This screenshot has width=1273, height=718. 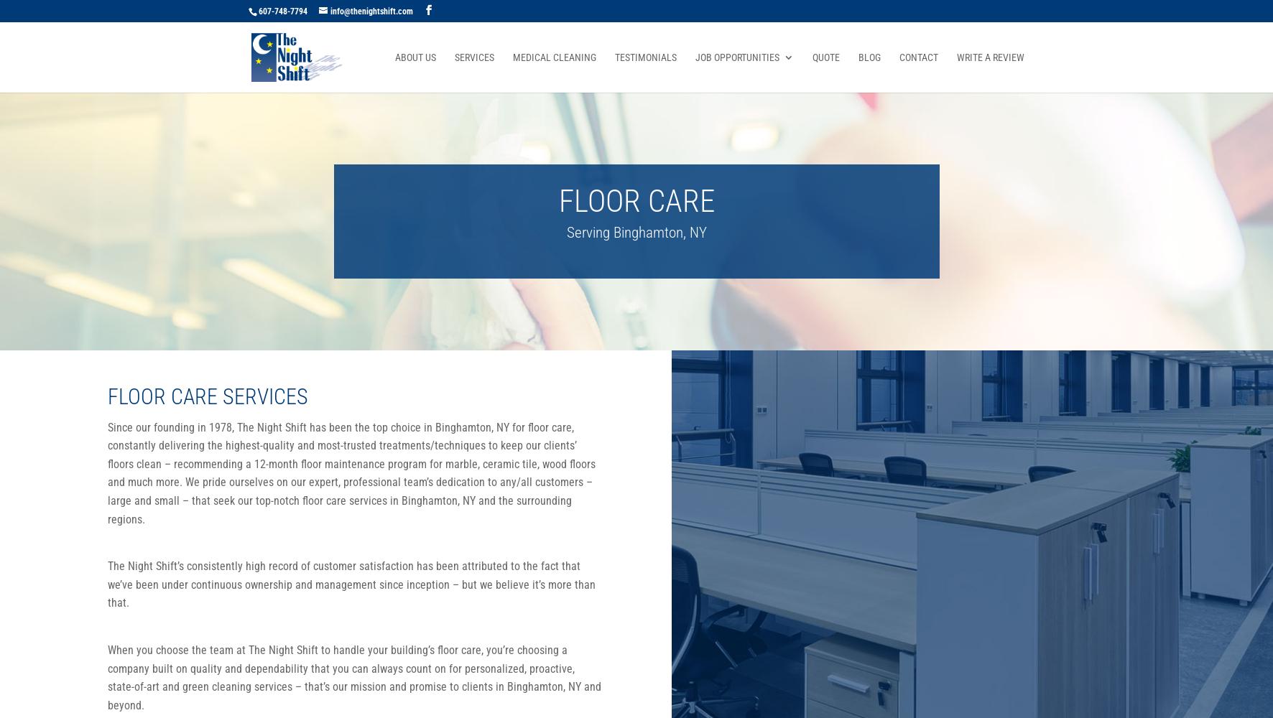 I want to click on 'When you choose the team at The Night Shift to handle your building’s floor care, you’re choosing a company built on quality and dependability that you can always count on for personalized, proactive, state-of-art and green cleaning services – that’s our mission and promise to clients in Binghamton, NY and beyond.', so click(x=353, y=676).